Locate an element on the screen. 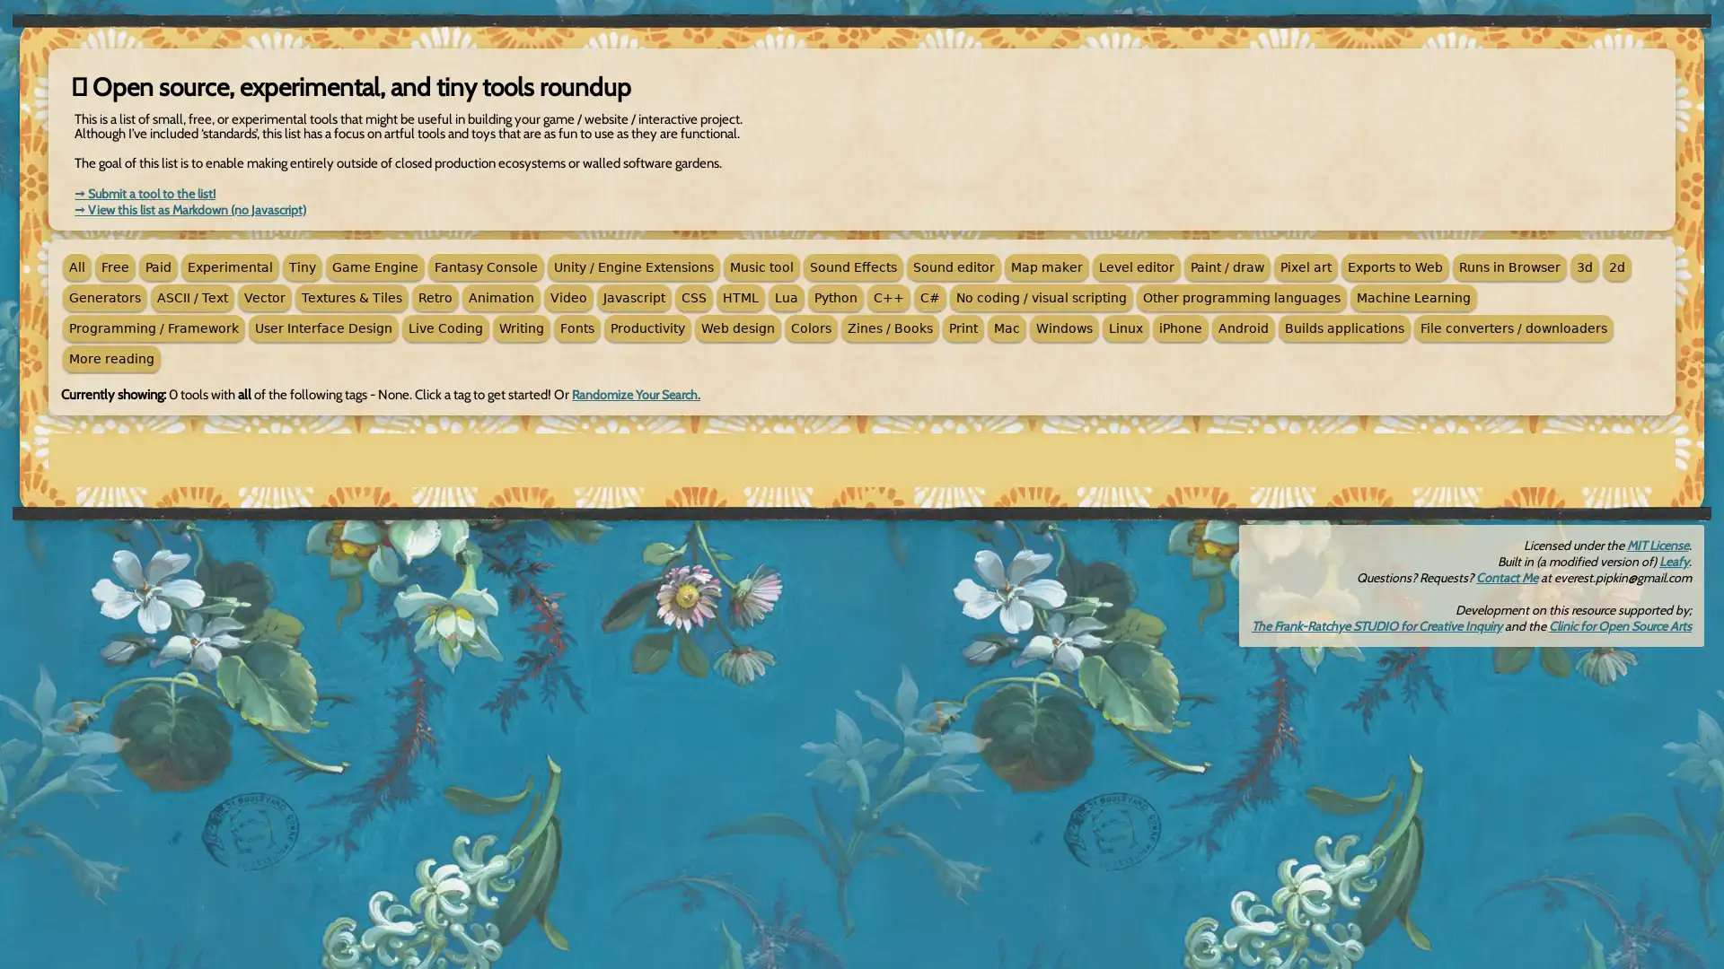 The height and width of the screenshot is (969, 1724). User Interface Design is located at coordinates (323, 328).